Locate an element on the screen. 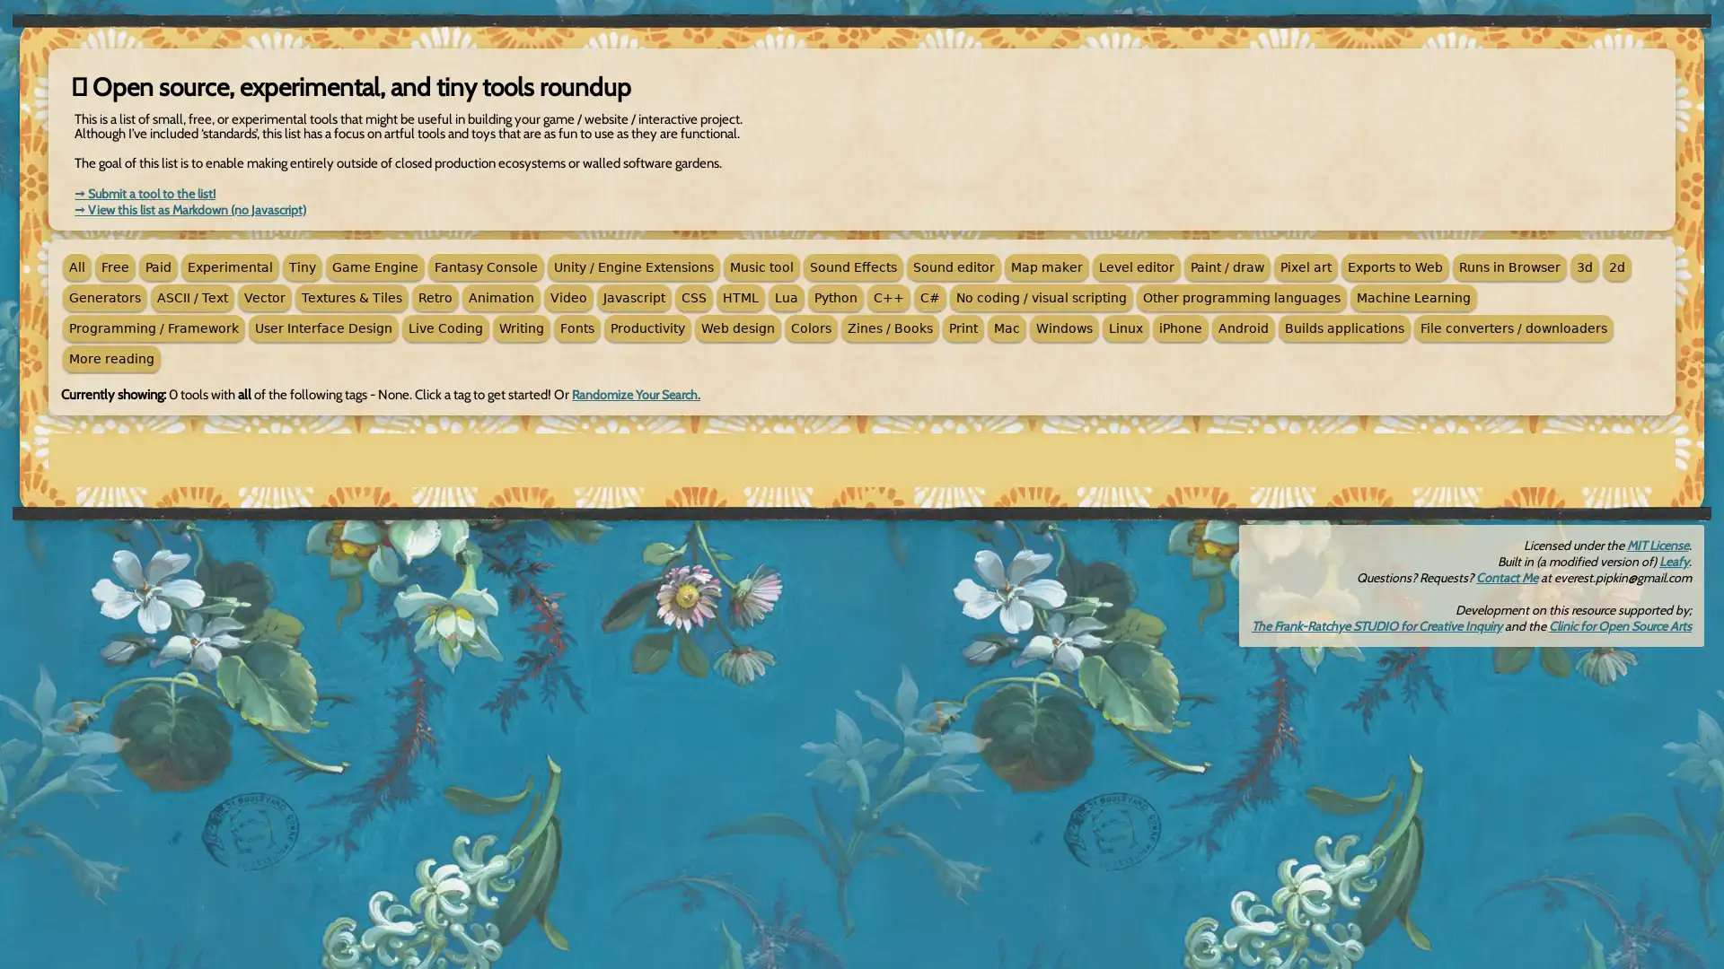 The height and width of the screenshot is (969, 1724). User Interface Design is located at coordinates (323, 328).